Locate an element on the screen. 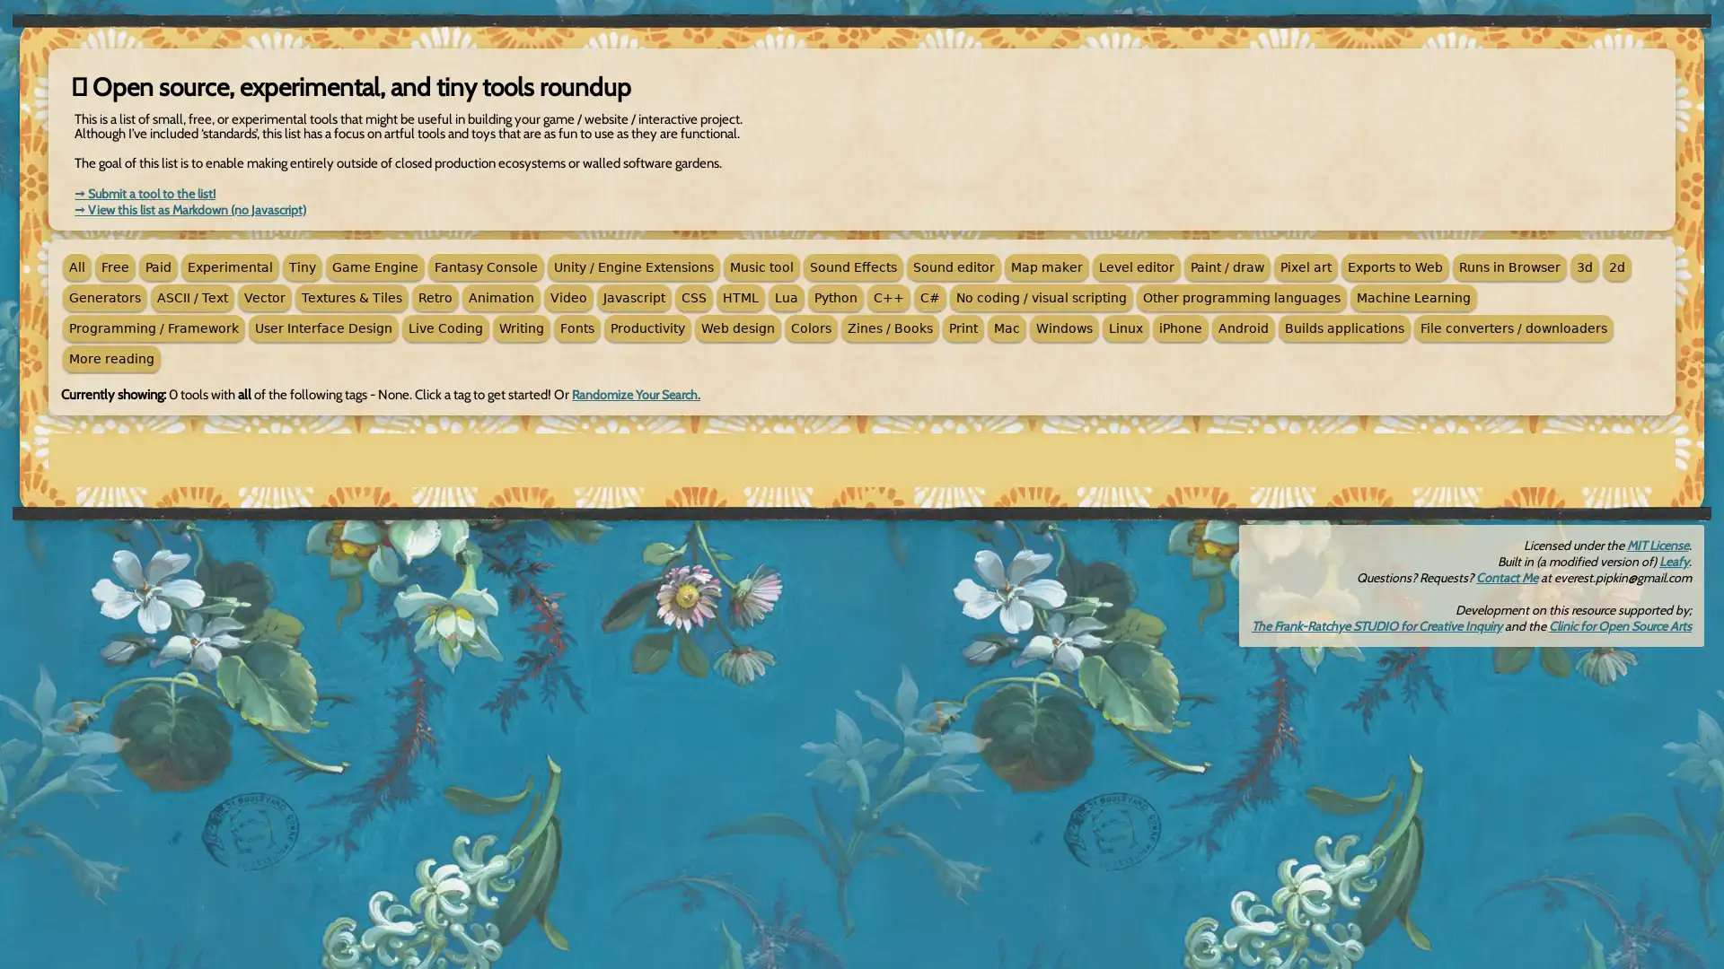 The height and width of the screenshot is (969, 1724). User Interface Design is located at coordinates (323, 328).